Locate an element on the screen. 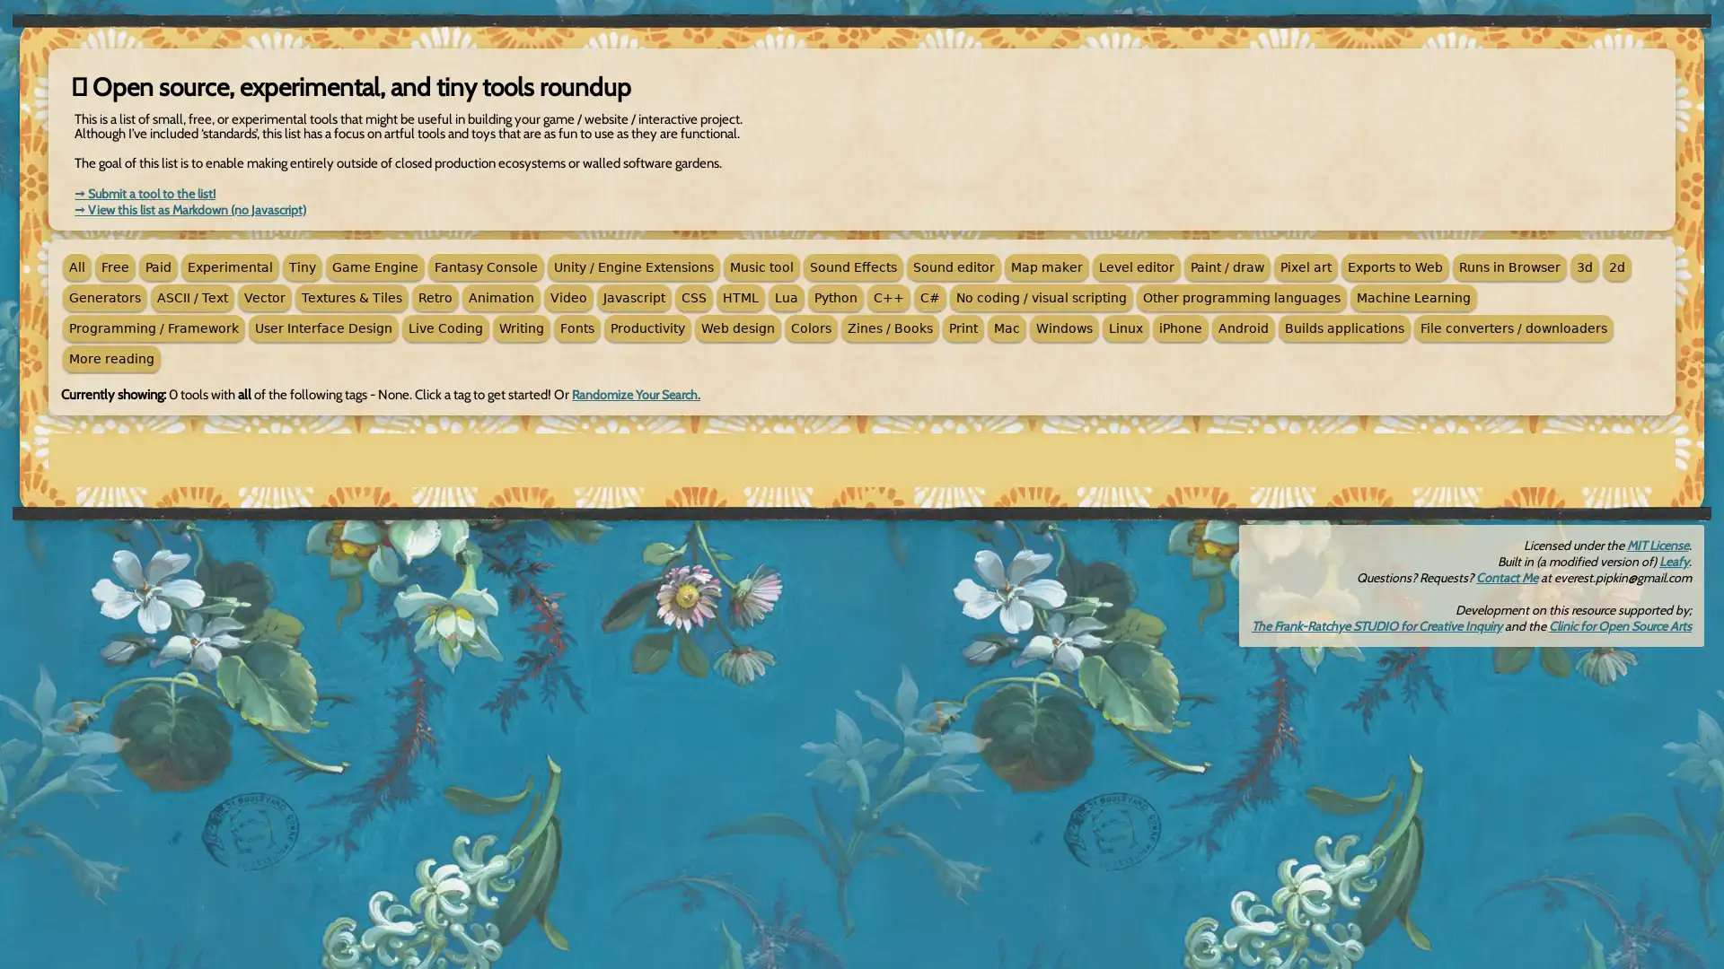 The height and width of the screenshot is (969, 1724). User Interface Design is located at coordinates (323, 328).